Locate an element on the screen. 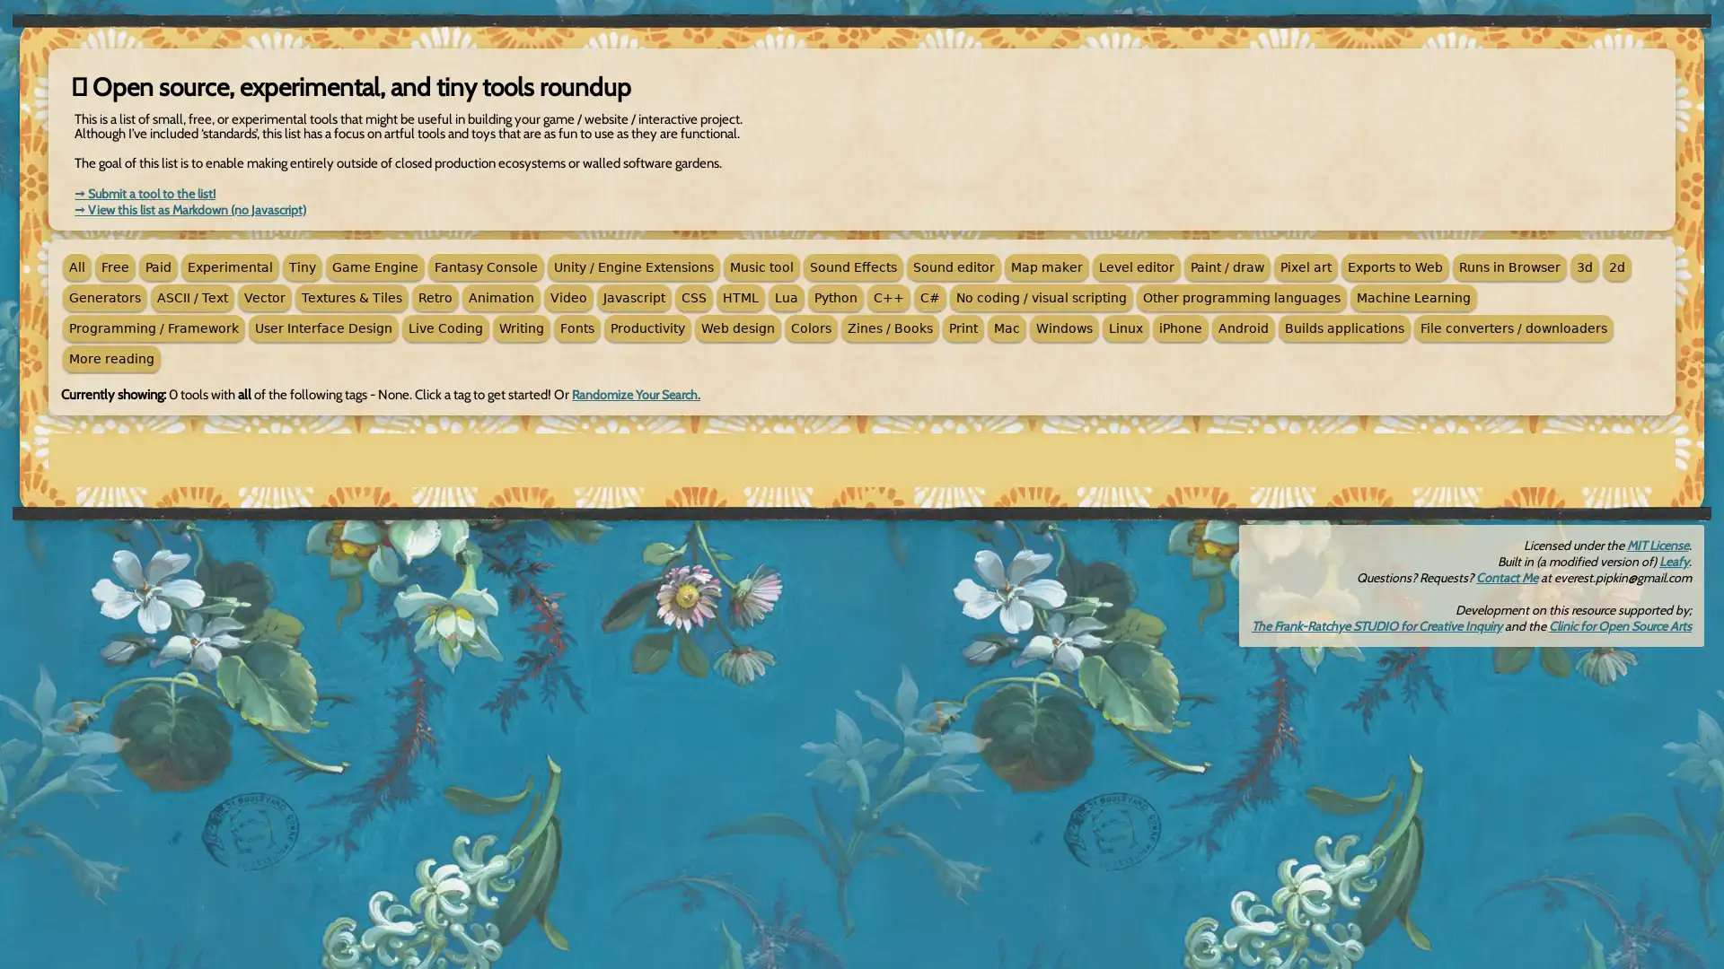 The height and width of the screenshot is (969, 1724). User Interface Design is located at coordinates (323, 328).